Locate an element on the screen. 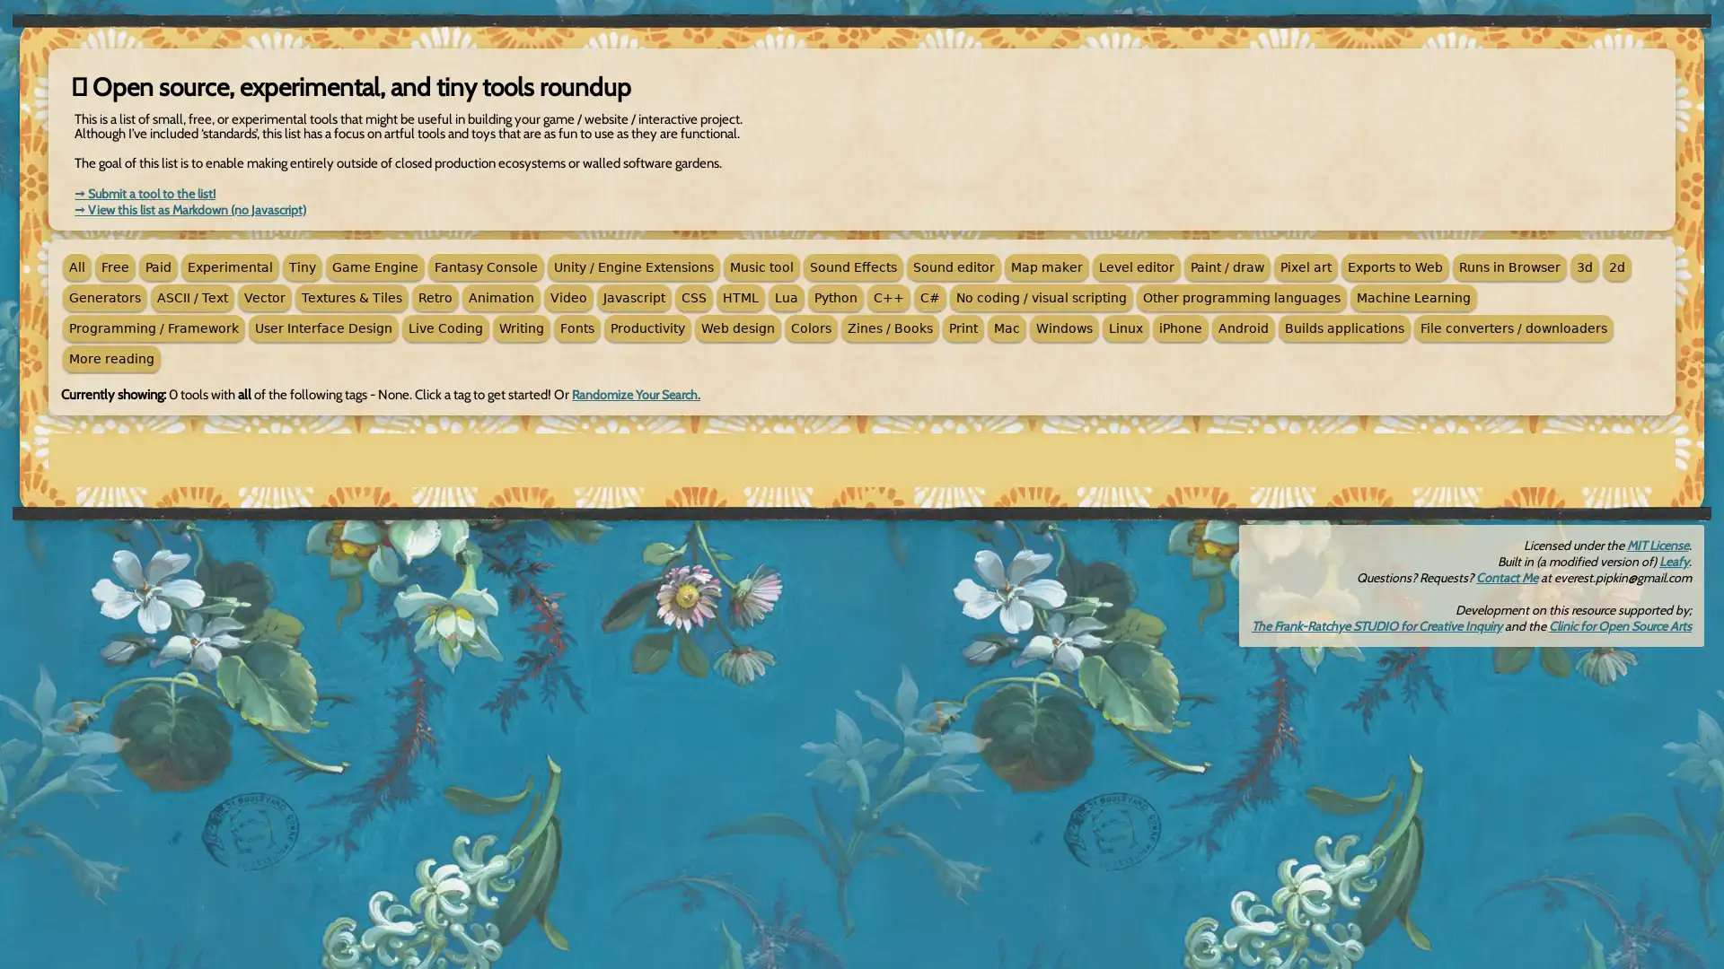 The height and width of the screenshot is (969, 1724). User Interface Design is located at coordinates (323, 328).